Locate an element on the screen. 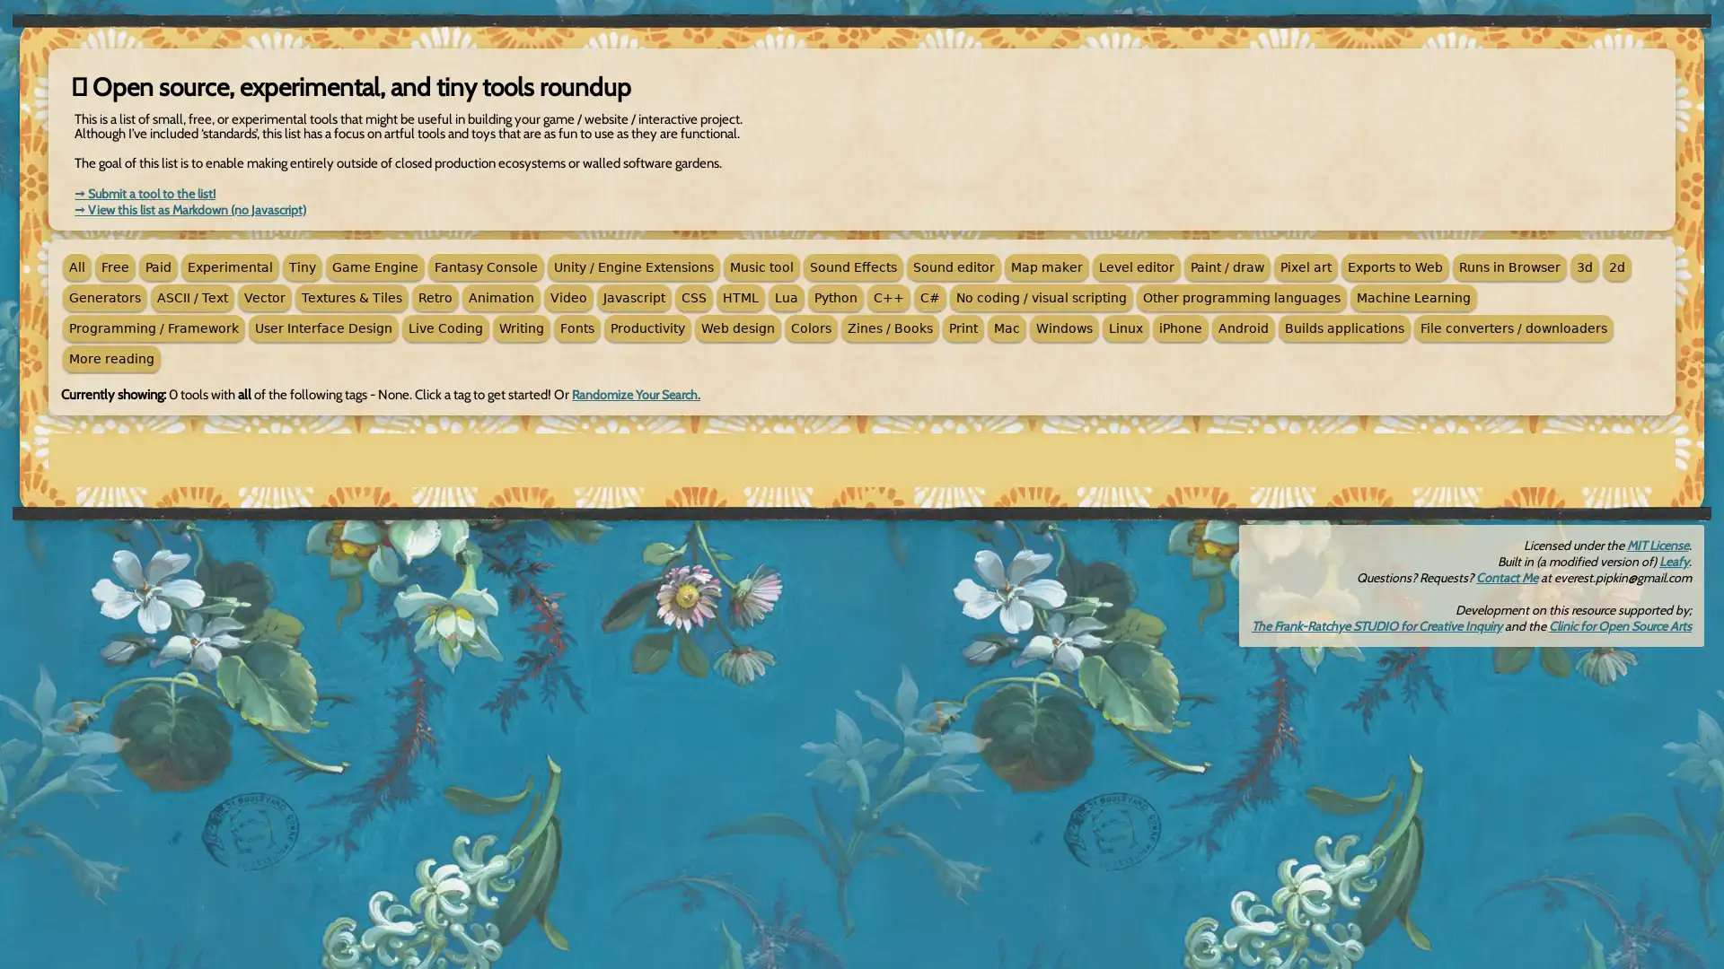 The height and width of the screenshot is (969, 1724). User Interface Design is located at coordinates (323, 328).